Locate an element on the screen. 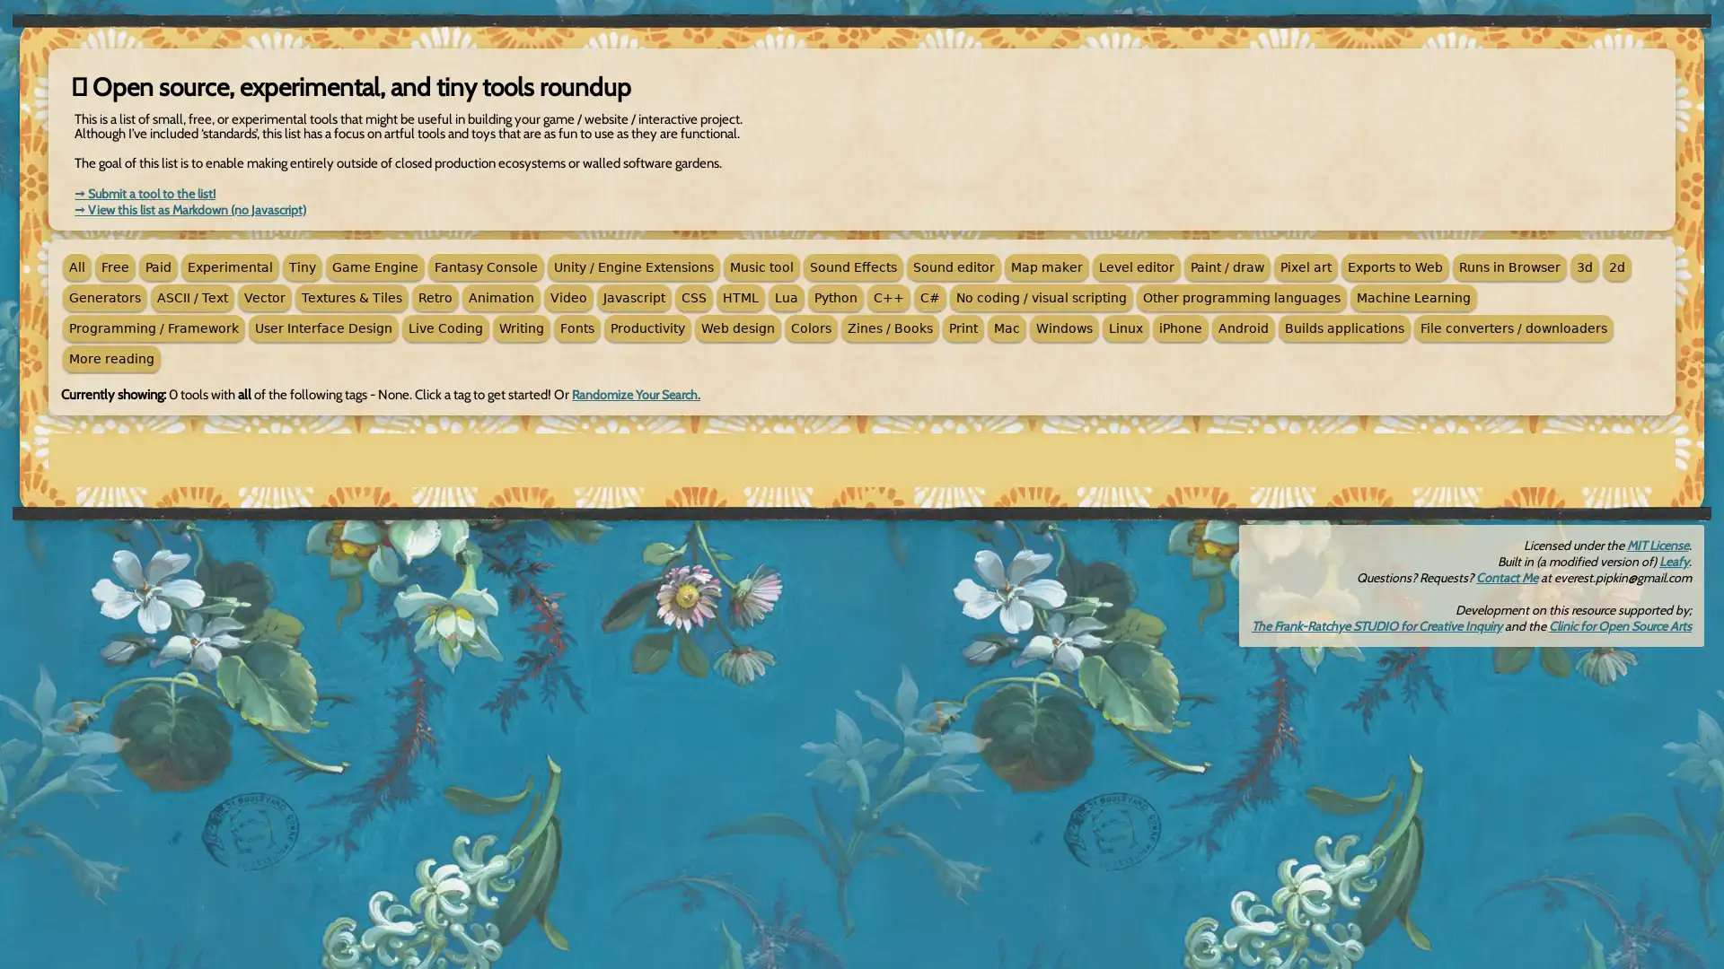 The height and width of the screenshot is (969, 1724). User Interface Design is located at coordinates (323, 328).